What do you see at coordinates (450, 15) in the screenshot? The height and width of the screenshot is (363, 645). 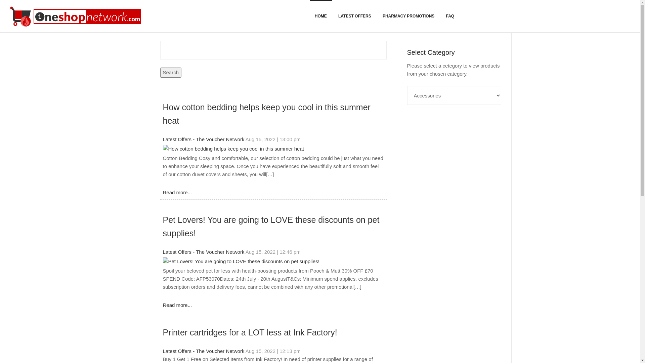 I see `'FAQ'` at bounding box center [450, 15].